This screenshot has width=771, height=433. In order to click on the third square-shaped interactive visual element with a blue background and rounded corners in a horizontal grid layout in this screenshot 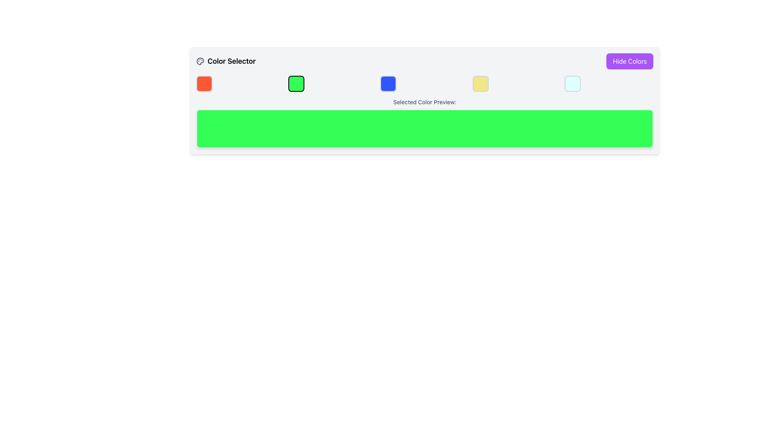, I will do `click(388, 83)`.